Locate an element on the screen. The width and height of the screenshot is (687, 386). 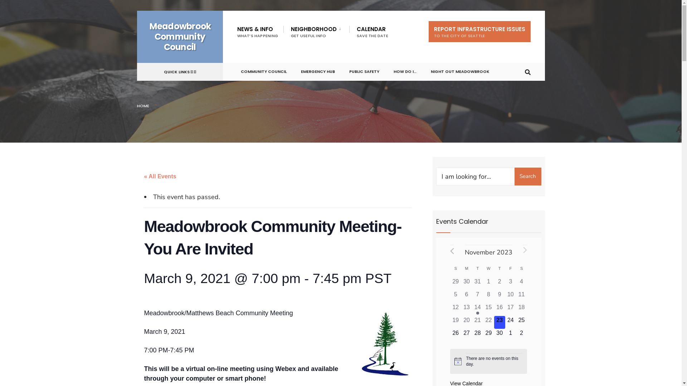
'0 events, is located at coordinates (488, 335).